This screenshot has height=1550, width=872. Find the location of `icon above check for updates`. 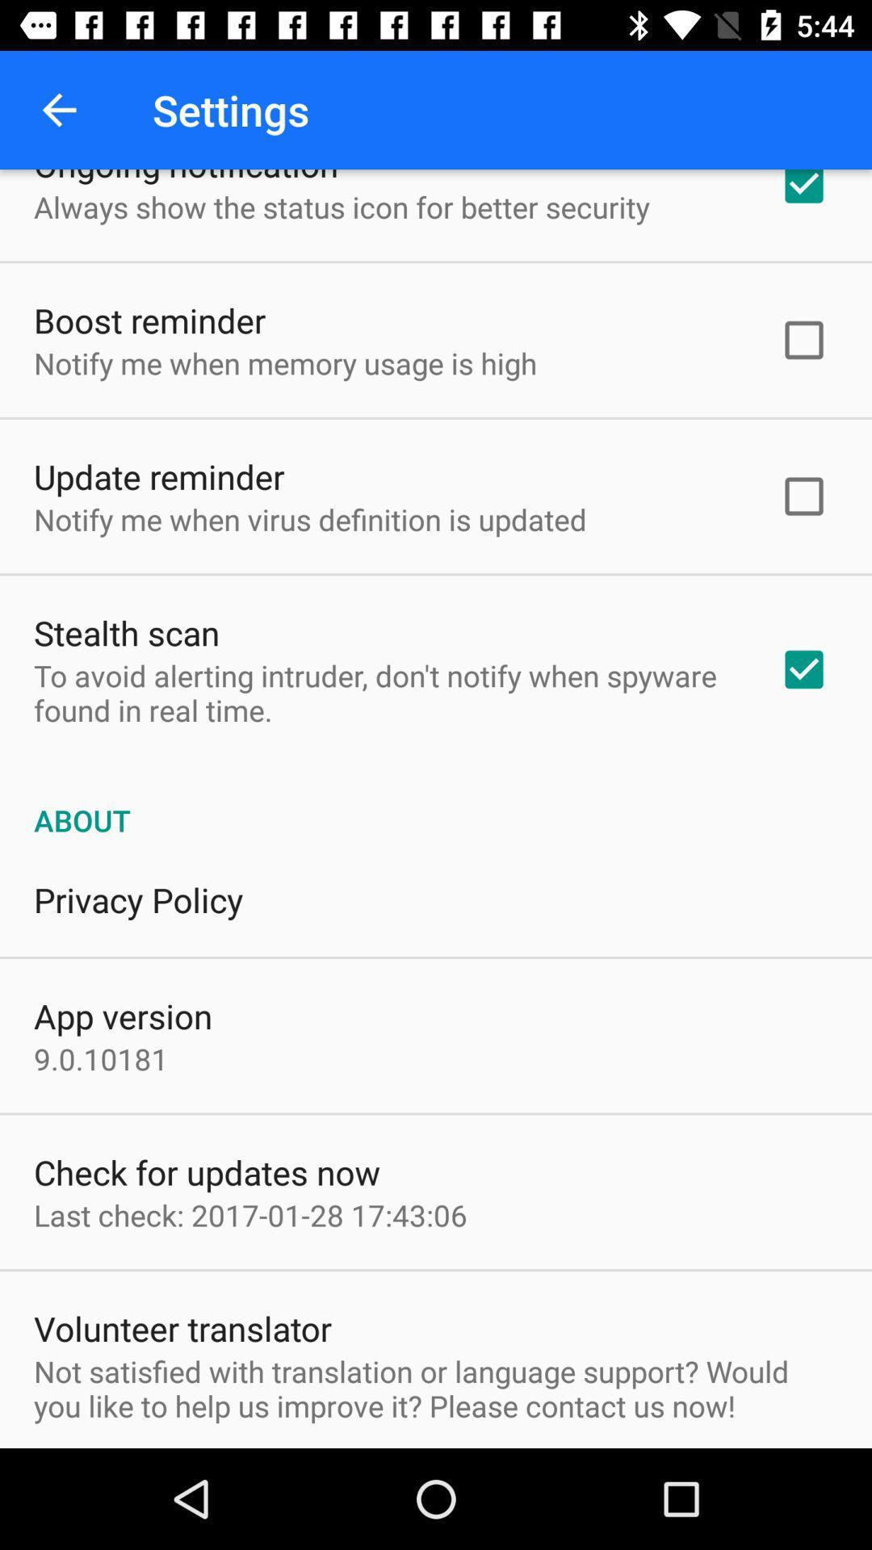

icon above check for updates is located at coordinates (101, 1058).